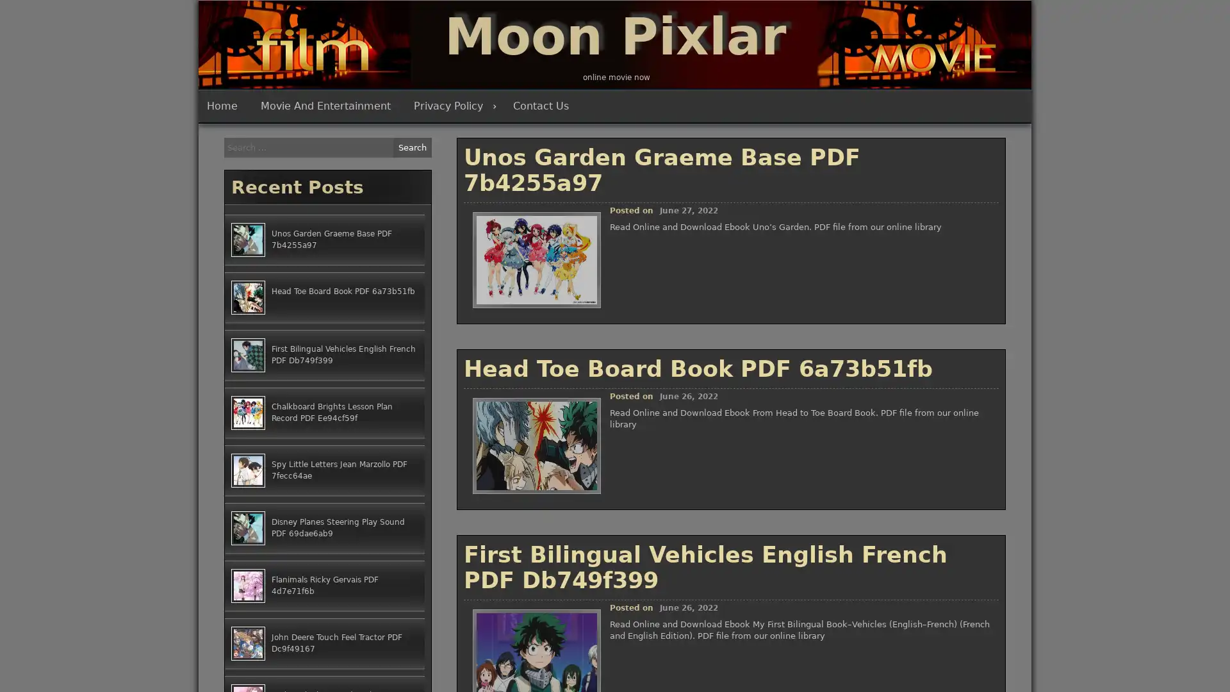 The width and height of the screenshot is (1230, 692). What do you see at coordinates (412, 147) in the screenshot?
I see `Search` at bounding box center [412, 147].